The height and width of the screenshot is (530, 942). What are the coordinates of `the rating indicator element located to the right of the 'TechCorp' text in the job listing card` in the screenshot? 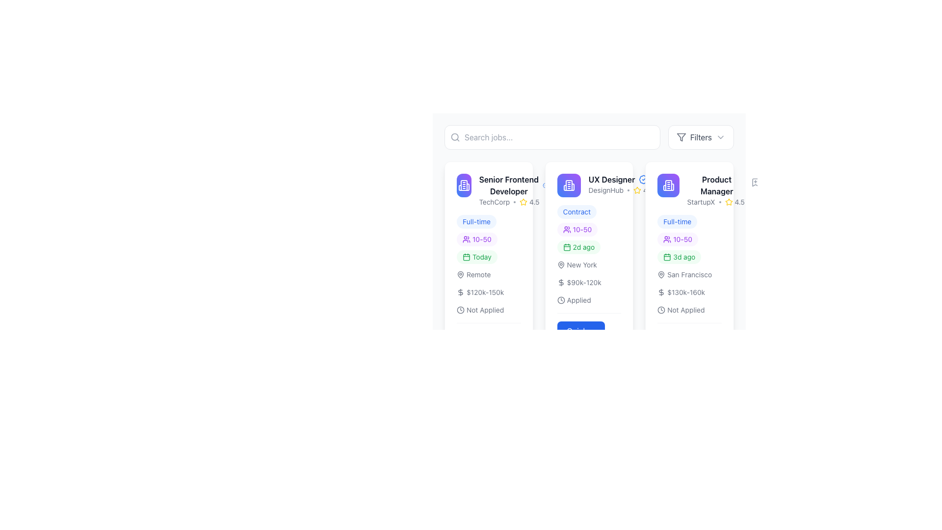 It's located at (529, 202).